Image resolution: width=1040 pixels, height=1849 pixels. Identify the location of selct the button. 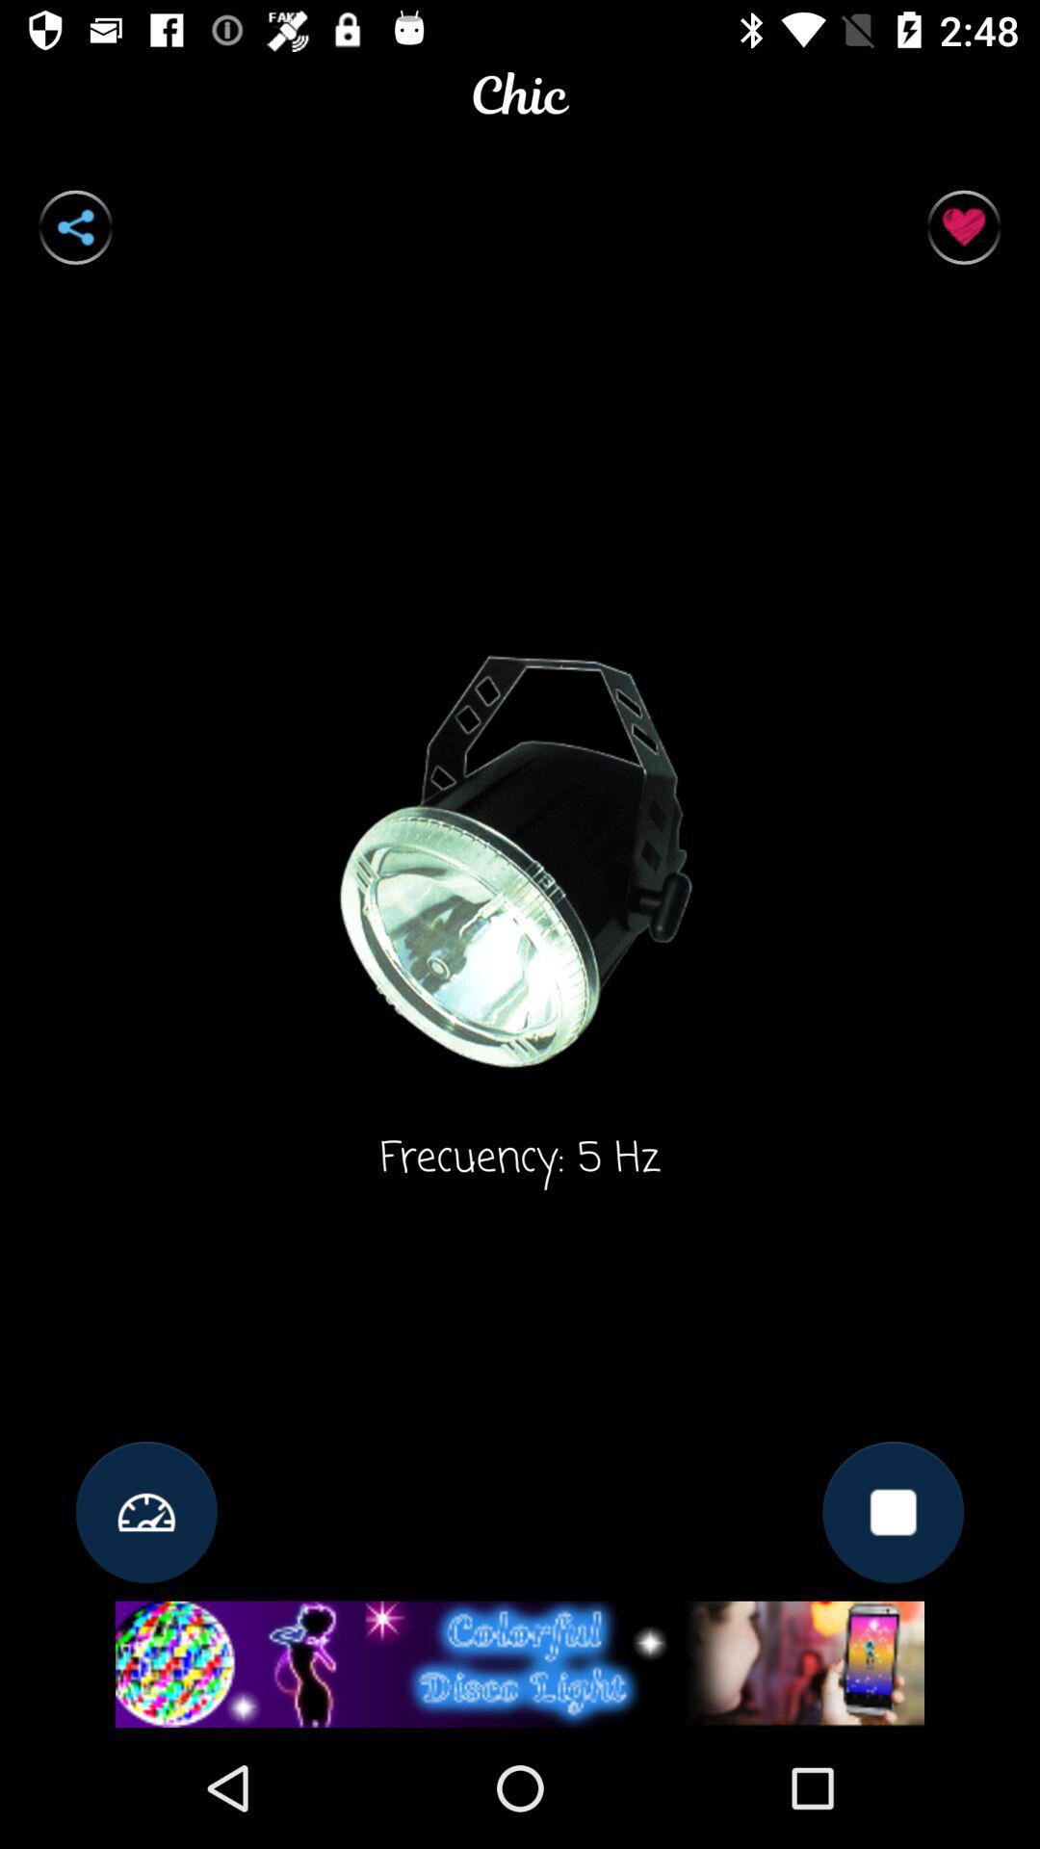
(964, 227).